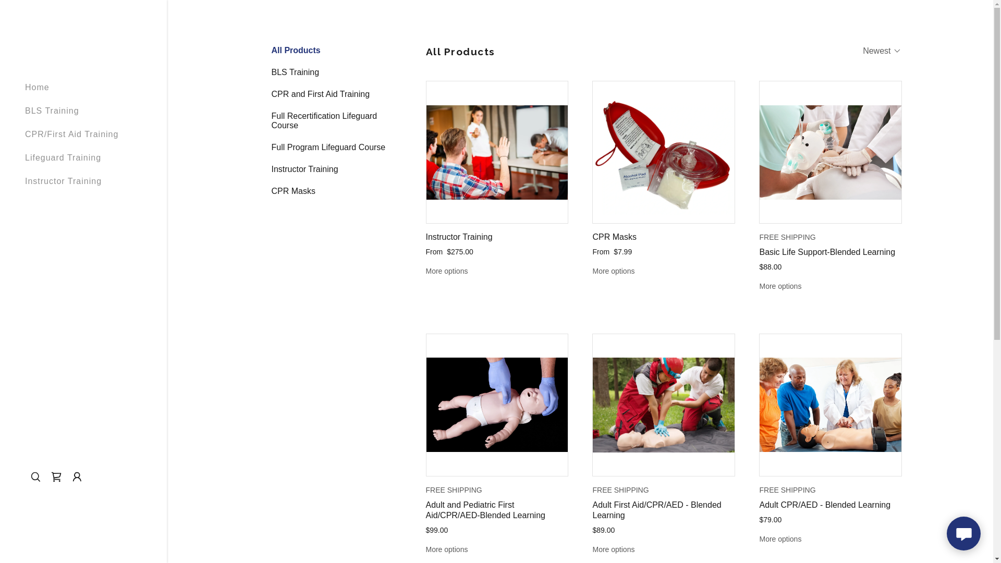  Describe the element at coordinates (271, 50) in the screenshot. I see `'All Products'` at that location.